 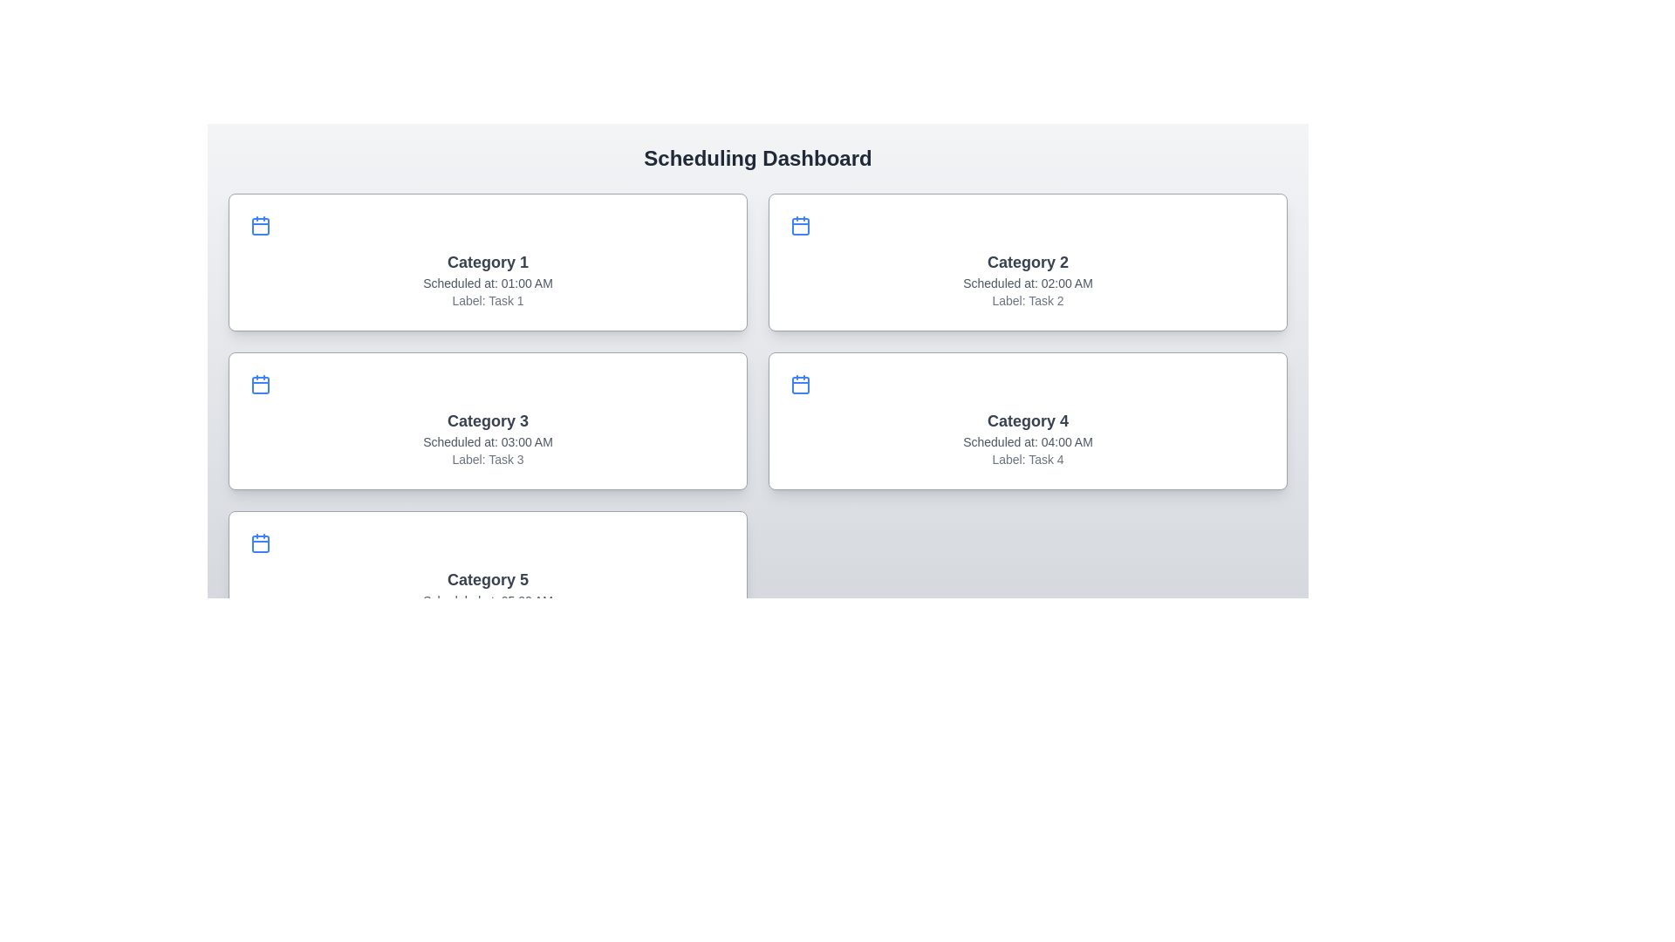 What do you see at coordinates (488, 440) in the screenshot?
I see `text label displaying 'Scheduled at: 03:00 AM' located inside the 'Category 3' card, positioned between 'Category 3' and 'Label: Task 3'` at bounding box center [488, 440].